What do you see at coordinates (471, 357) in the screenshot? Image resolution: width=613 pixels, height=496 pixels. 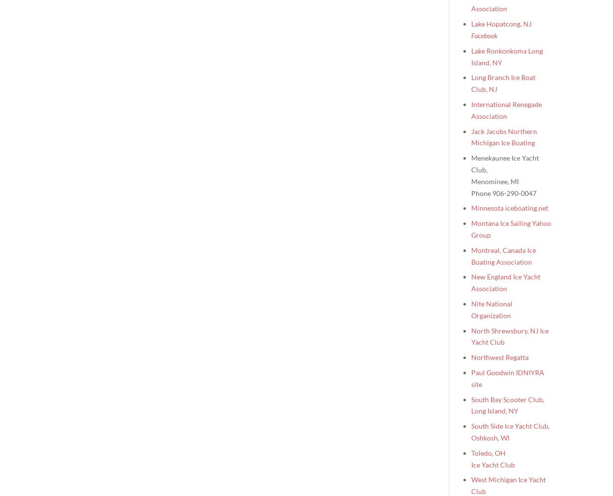 I see `'Northwest Regatta'` at bounding box center [471, 357].